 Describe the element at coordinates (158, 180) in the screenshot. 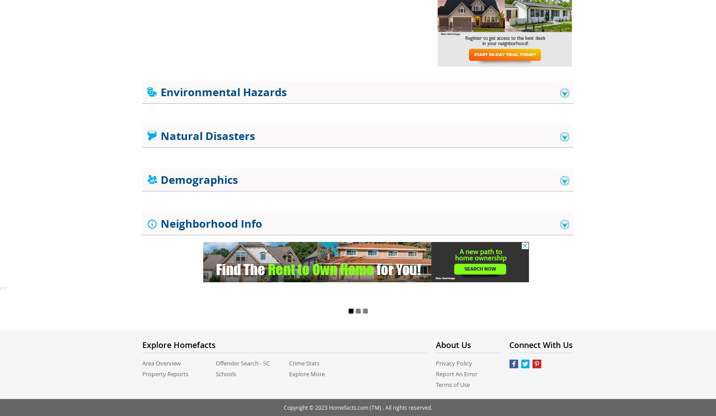

I see `'Demographics'` at that location.